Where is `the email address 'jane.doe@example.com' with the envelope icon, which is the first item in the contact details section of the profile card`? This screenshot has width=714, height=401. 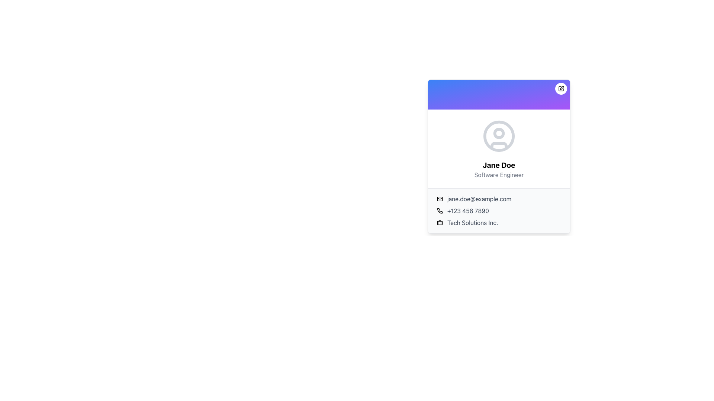
the email address 'jane.doe@example.com' with the envelope icon, which is the first item in the contact details section of the profile card is located at coordinates (499, 199).